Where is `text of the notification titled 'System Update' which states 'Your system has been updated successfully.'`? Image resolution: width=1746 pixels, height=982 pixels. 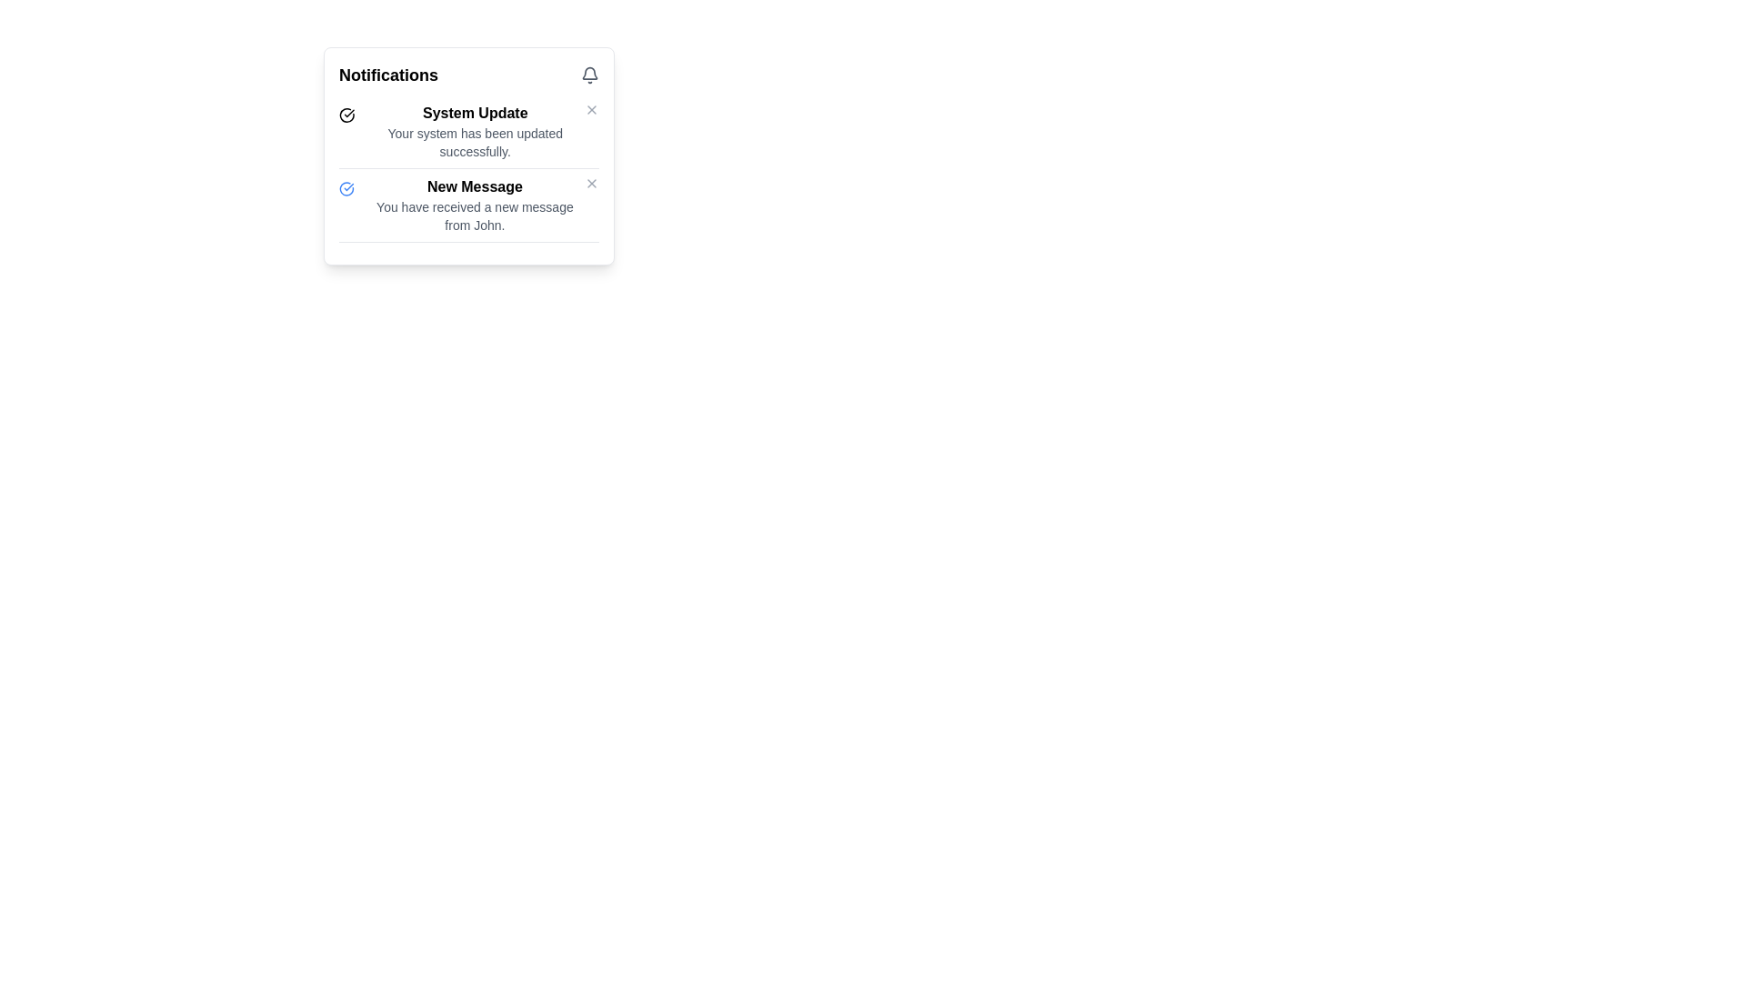
text of the notification titled 'System Update' which states 'Your system has been updated successfully.' is located at coordinates (468, 135).